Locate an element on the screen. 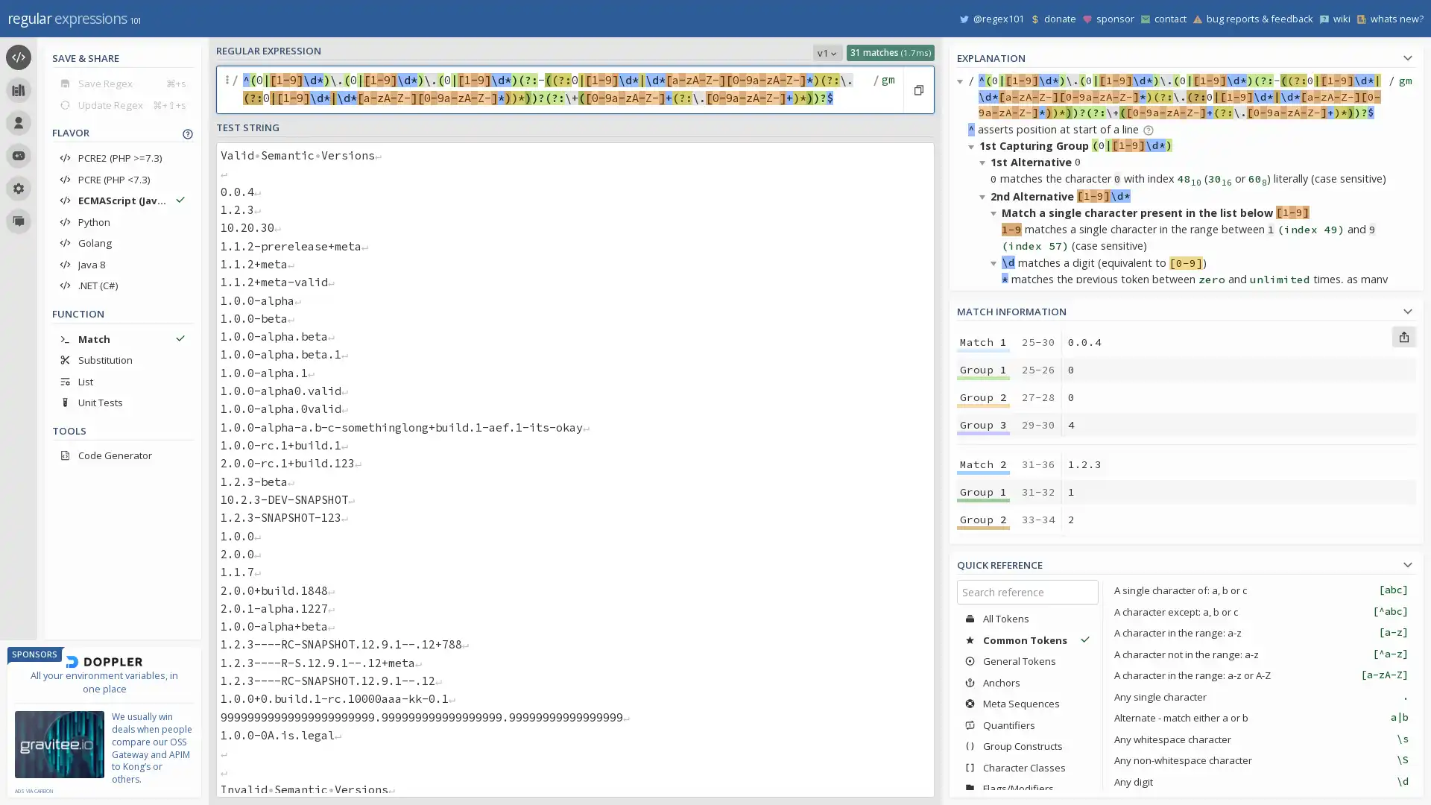 The height and width of the screenshot is (805, 1431). Group Constructs is located at coordinates (1026, 746).